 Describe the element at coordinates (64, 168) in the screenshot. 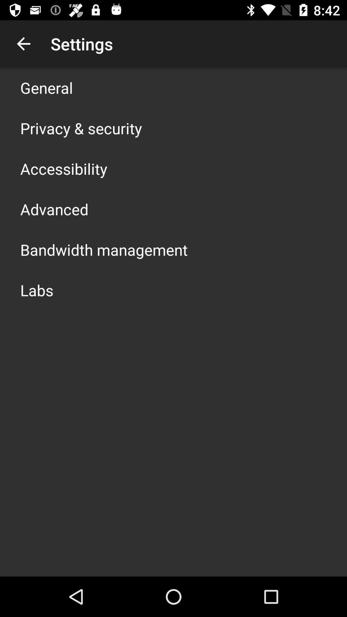

I see `the accessibility icon` at that location.